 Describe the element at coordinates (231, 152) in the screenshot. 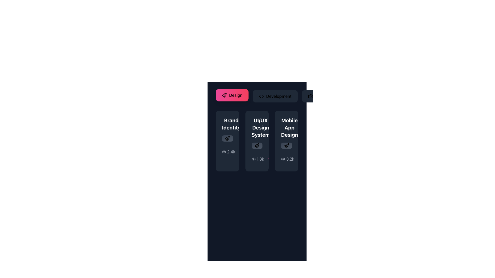

I see `the static text label displaying '2.4k' in light gray on a dark blue background, located next to the eye icon on the 'Brand Identity' card` at that location.